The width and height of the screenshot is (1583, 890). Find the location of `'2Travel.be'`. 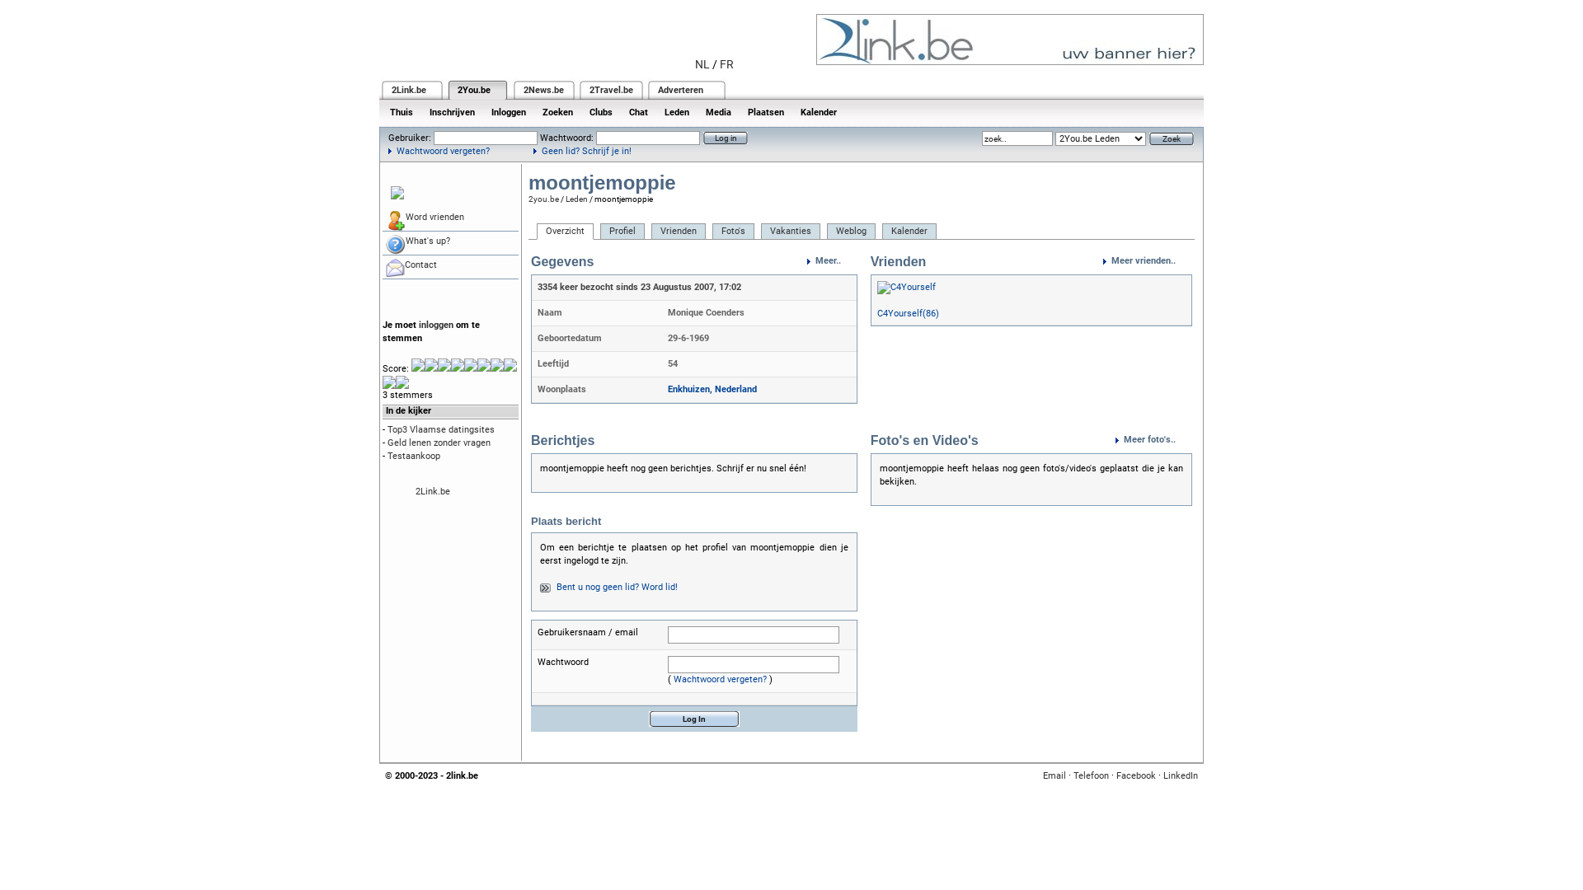

'2Travel.be' is located at coordinates (610, 90).